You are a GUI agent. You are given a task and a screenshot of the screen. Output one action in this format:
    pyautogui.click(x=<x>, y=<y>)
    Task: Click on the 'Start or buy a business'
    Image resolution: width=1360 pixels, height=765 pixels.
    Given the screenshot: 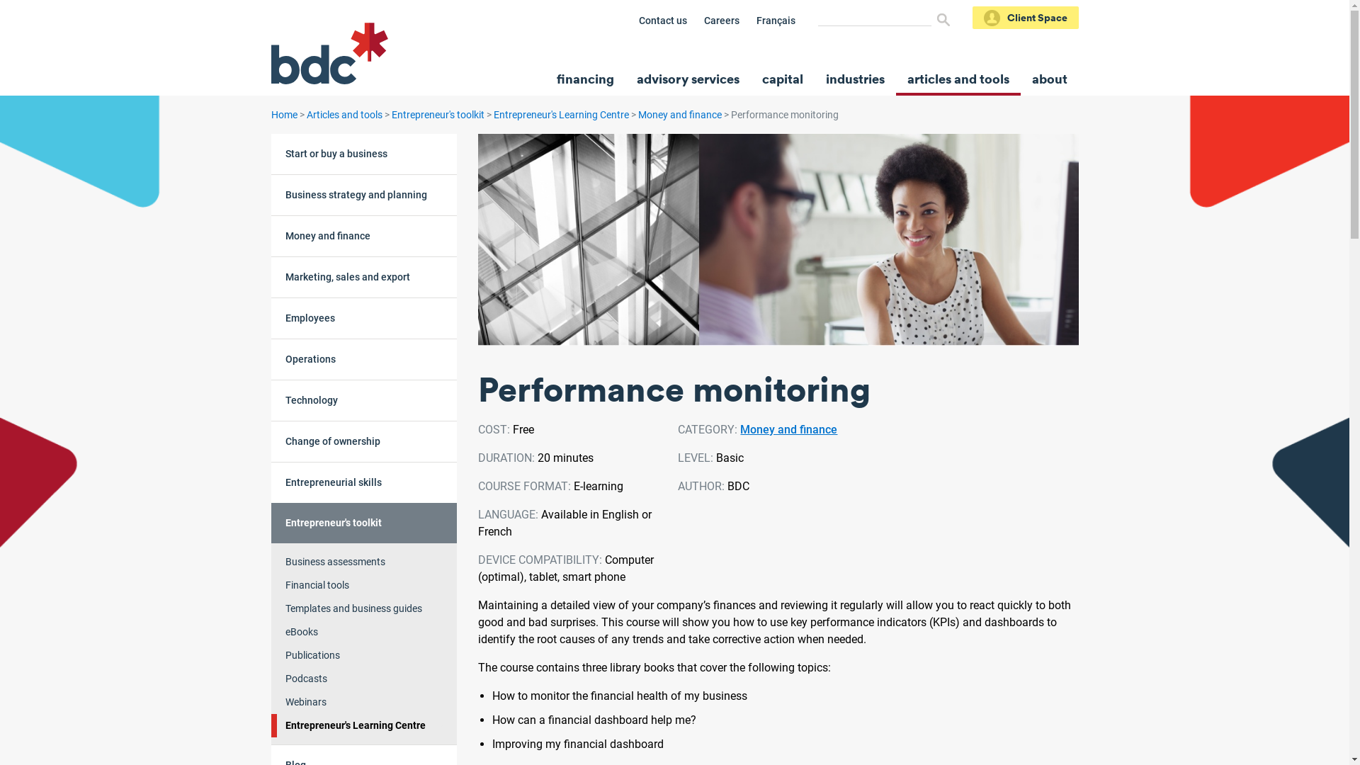 What is the action you would take?
    pyautogui.click(x=271, y=154)
    